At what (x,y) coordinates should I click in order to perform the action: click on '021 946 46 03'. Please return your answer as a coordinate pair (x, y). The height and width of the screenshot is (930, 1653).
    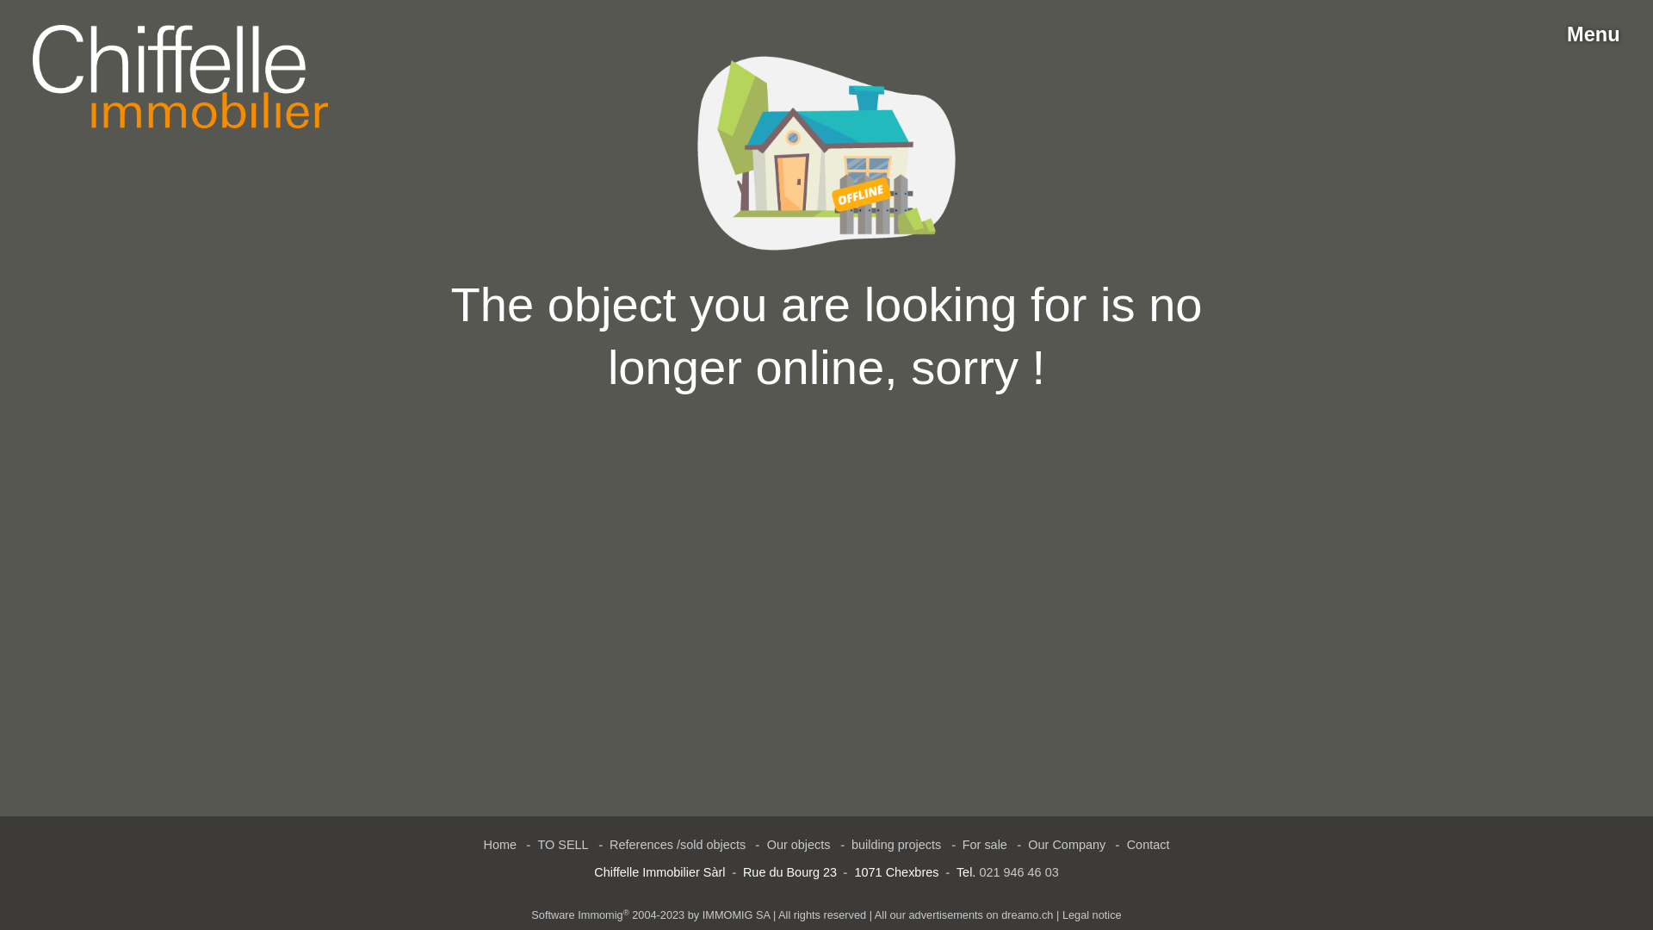
    Looking at the image, I should click on (1018, 872).